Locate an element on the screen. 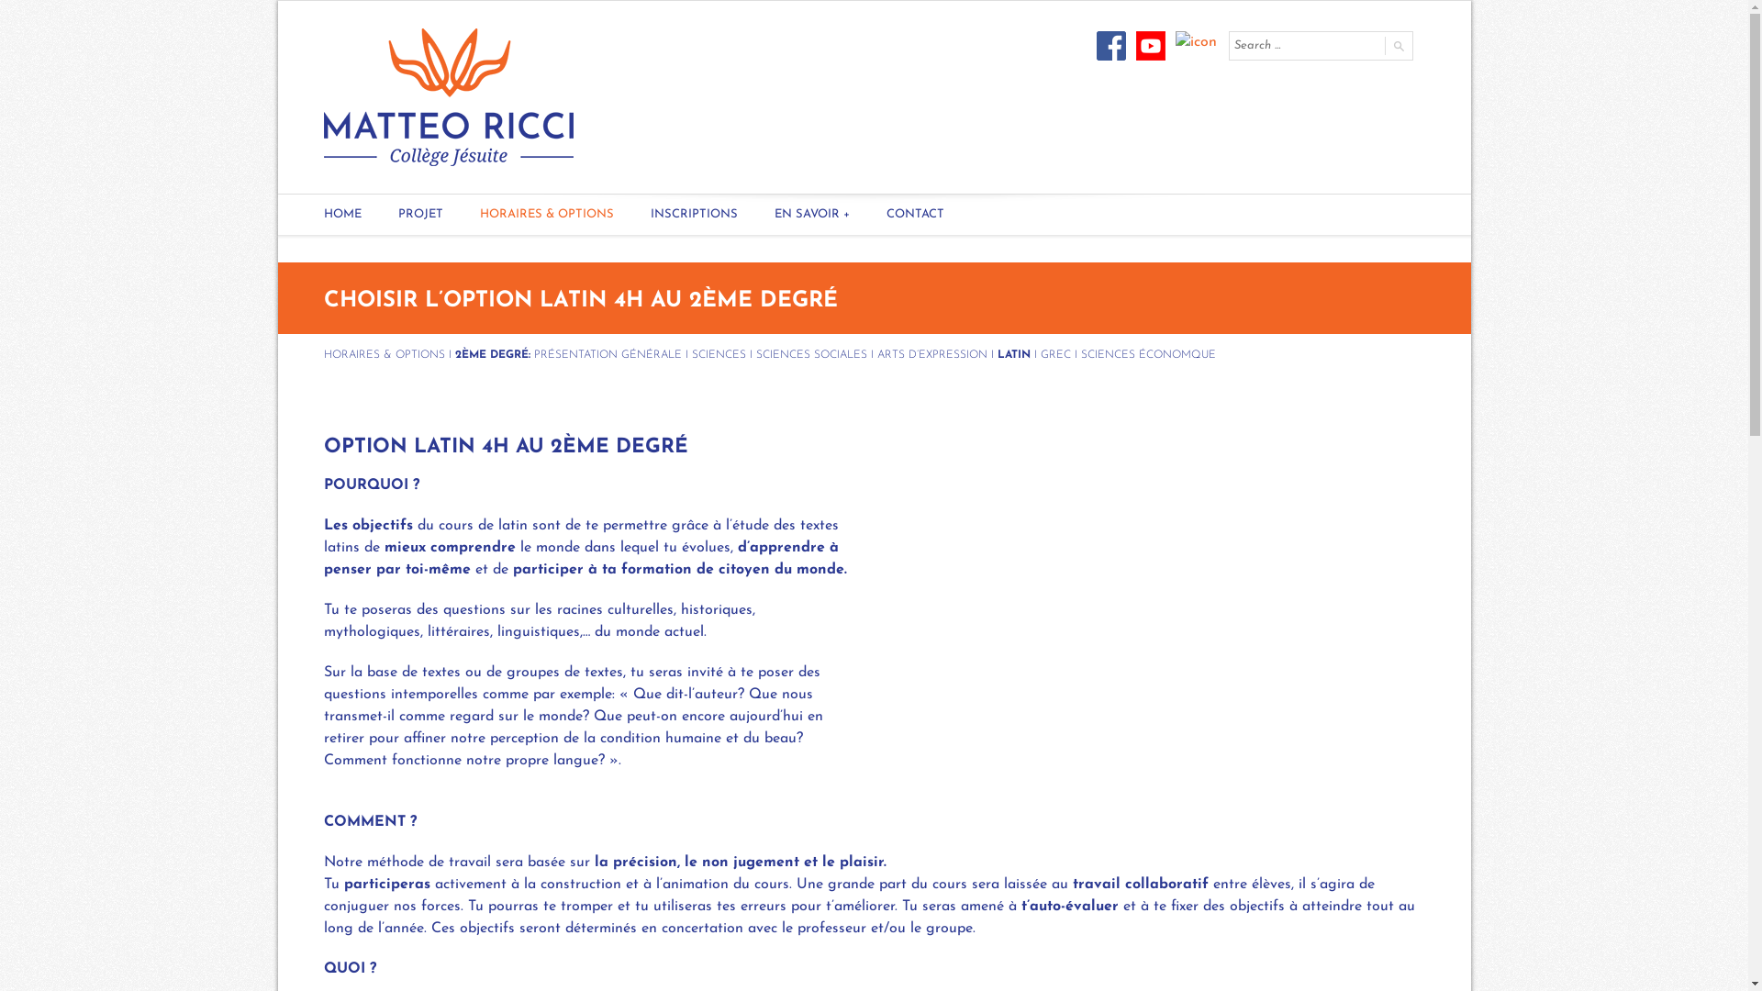  'HORAIRES & OPTIONS' is located at coordinates (545, 214).